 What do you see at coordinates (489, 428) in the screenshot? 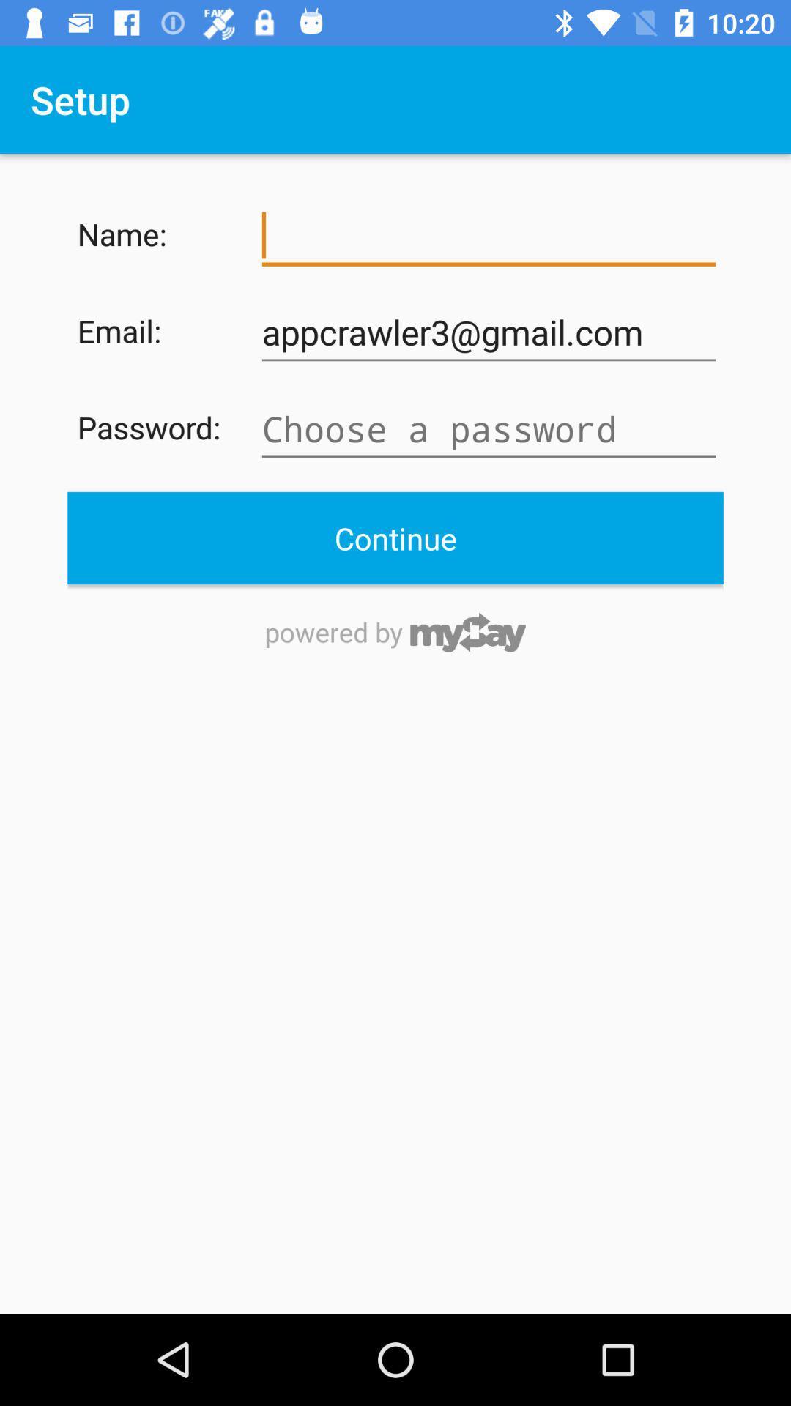
I see `icon below appcrawler3@gmail.com icon` at bounding box center [489, 428].